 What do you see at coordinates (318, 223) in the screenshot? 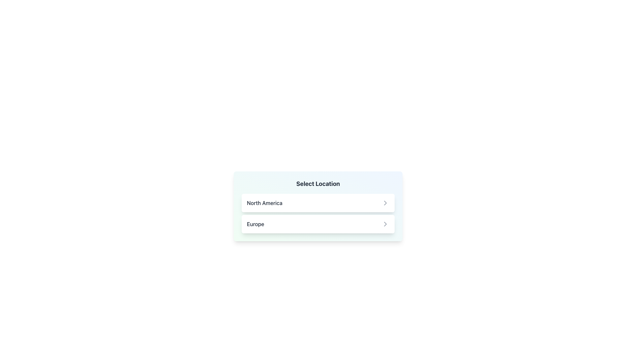
I see `the 'Europe' location list item, which is the second item in a vertical list beneath 'North America'` at bounding box center [318, 223].